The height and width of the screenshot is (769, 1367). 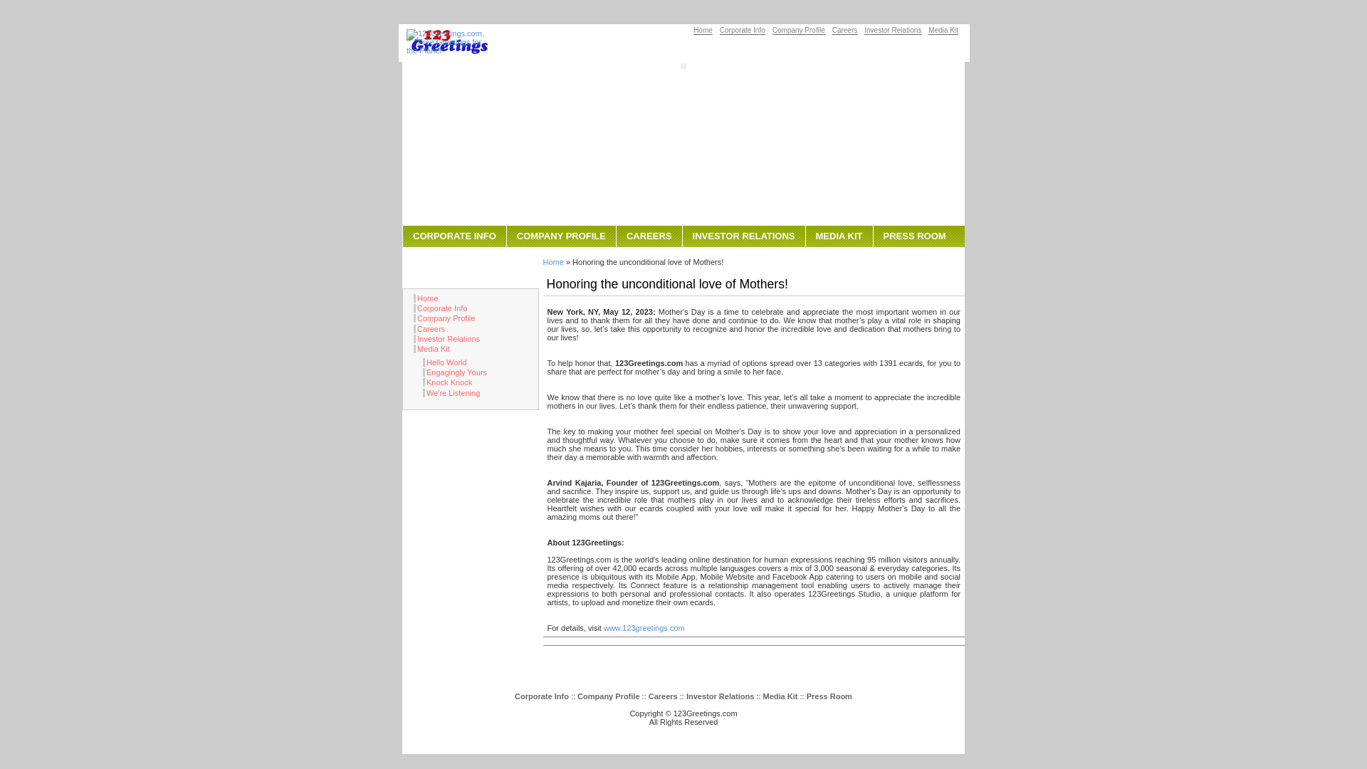 I want to click on 'www.123greetings.com', so click(x=644, y=627).